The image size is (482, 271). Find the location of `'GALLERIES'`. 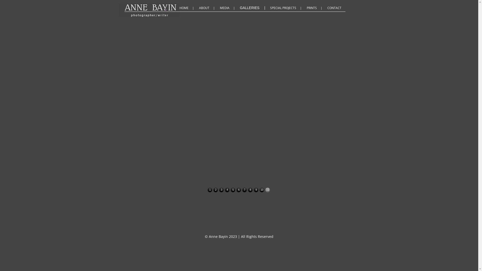

'GALLERIES' is located at coordinates (253, 8).